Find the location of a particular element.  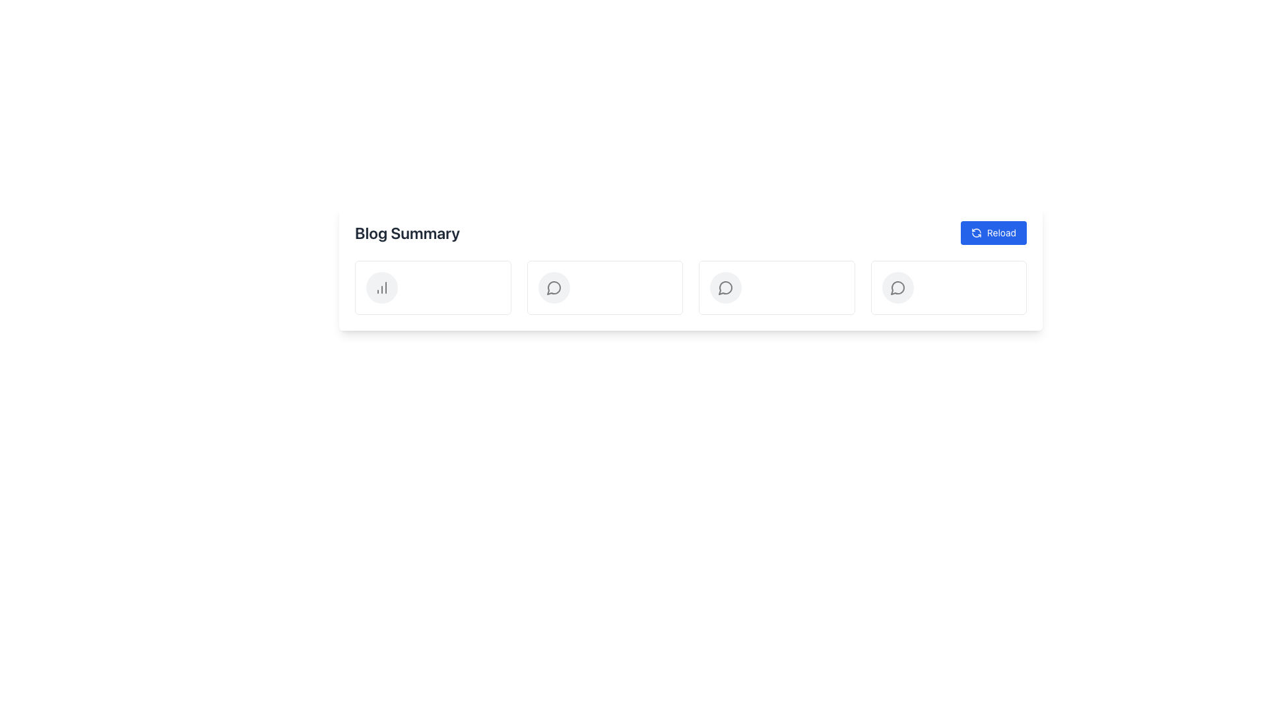

the circular SVG icon with two arrows forming a counter-clockwise loop, located inside the blue 'Reload' button in the top-right section of the interface is located at coordinates (976, 232).